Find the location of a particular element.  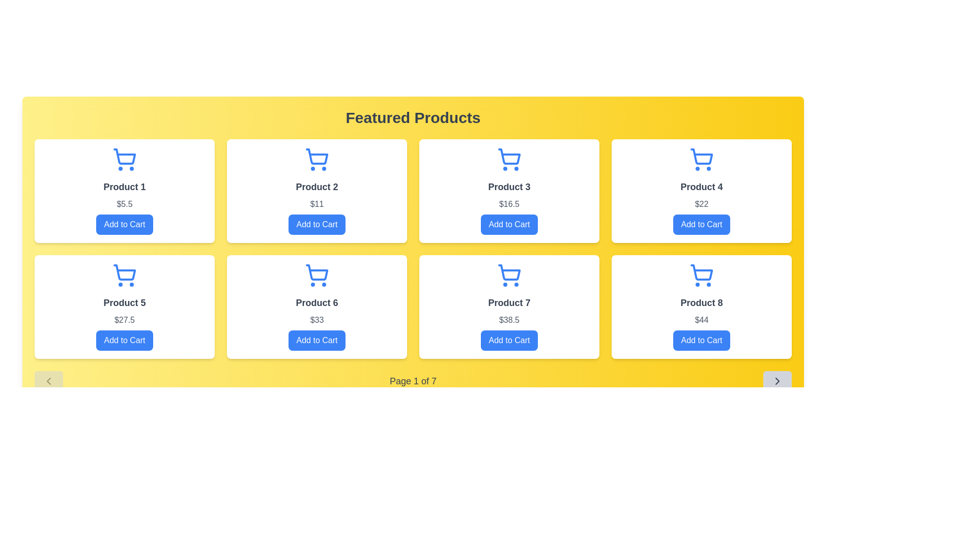

the price Text label within the product card labeled 'Product 4', which is positioned below the title and above the 'Add to Cart' button is located at coordinates (701, 204).